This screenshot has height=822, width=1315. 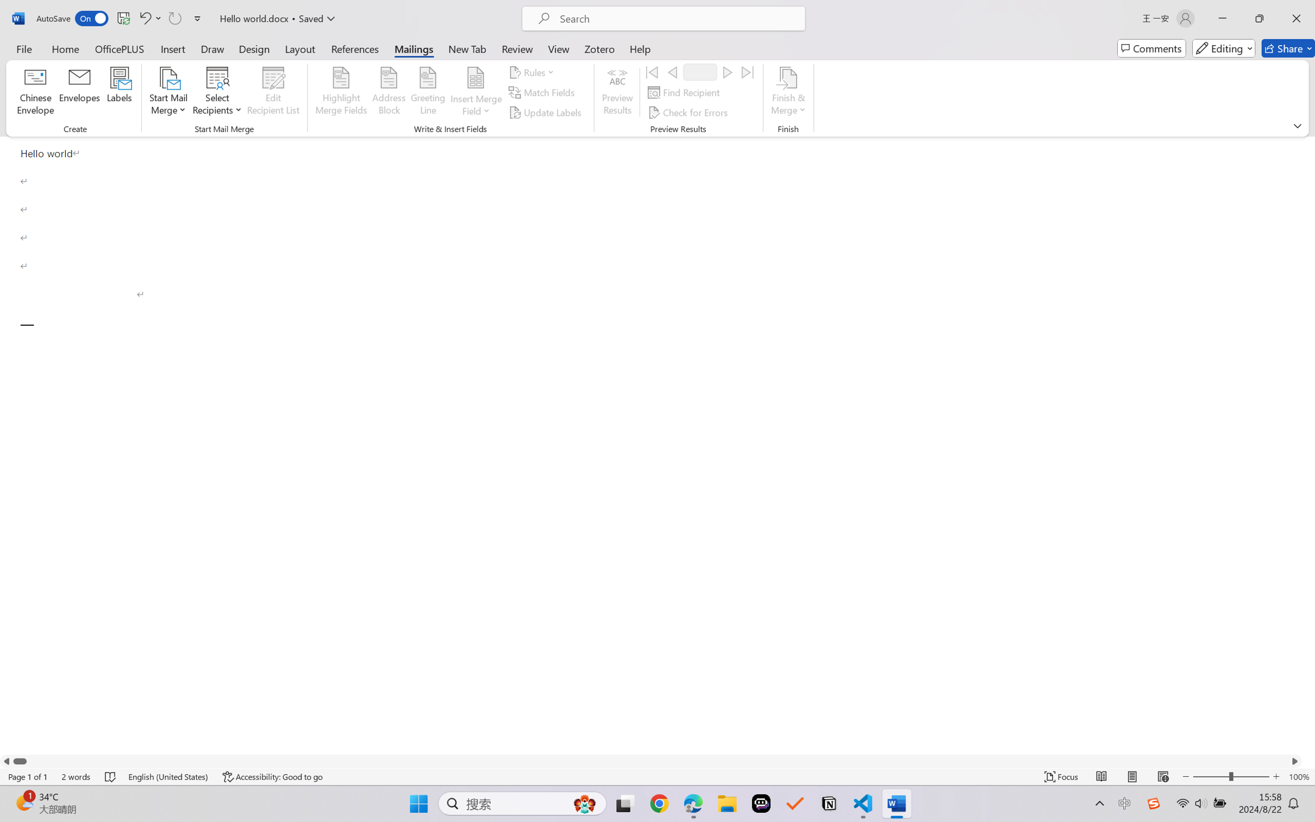 What do you see at coordinates (121, 18) in the screenshot?
I see `'Quick Access Toolbar'` at bounding box center [121, 18].